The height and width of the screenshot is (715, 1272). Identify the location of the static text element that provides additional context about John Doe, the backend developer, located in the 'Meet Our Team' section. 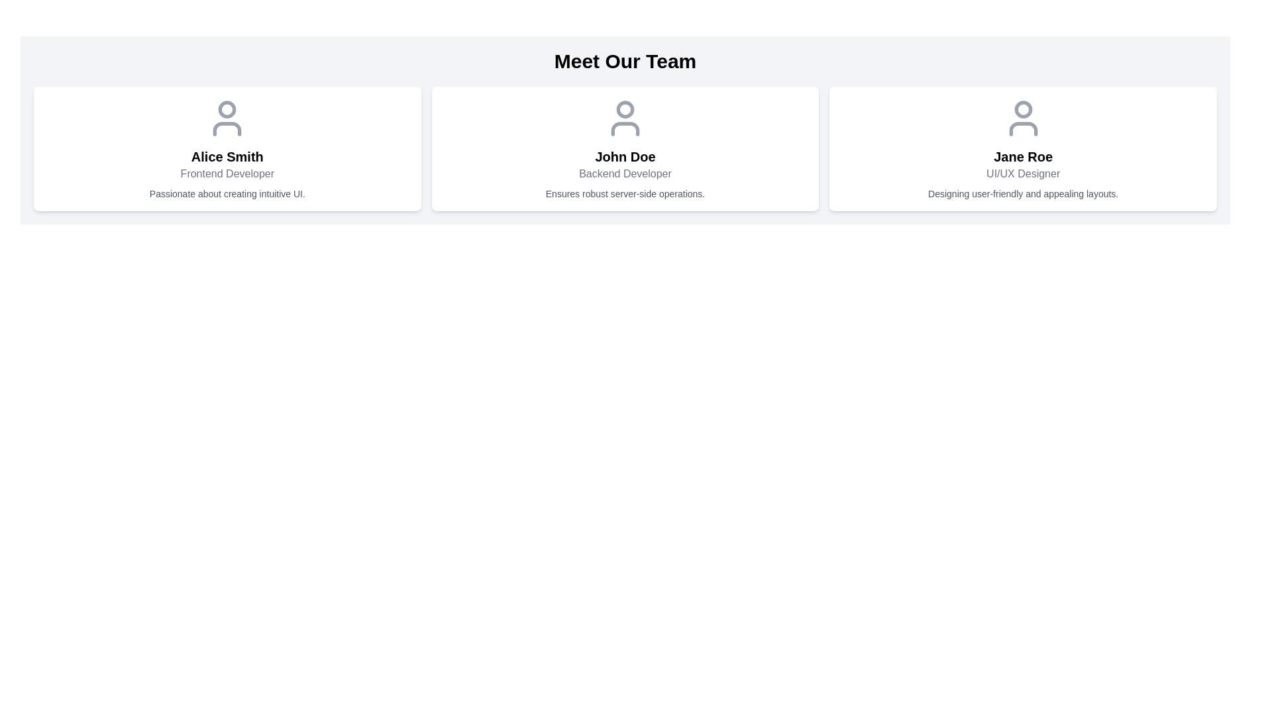
(625, 194).